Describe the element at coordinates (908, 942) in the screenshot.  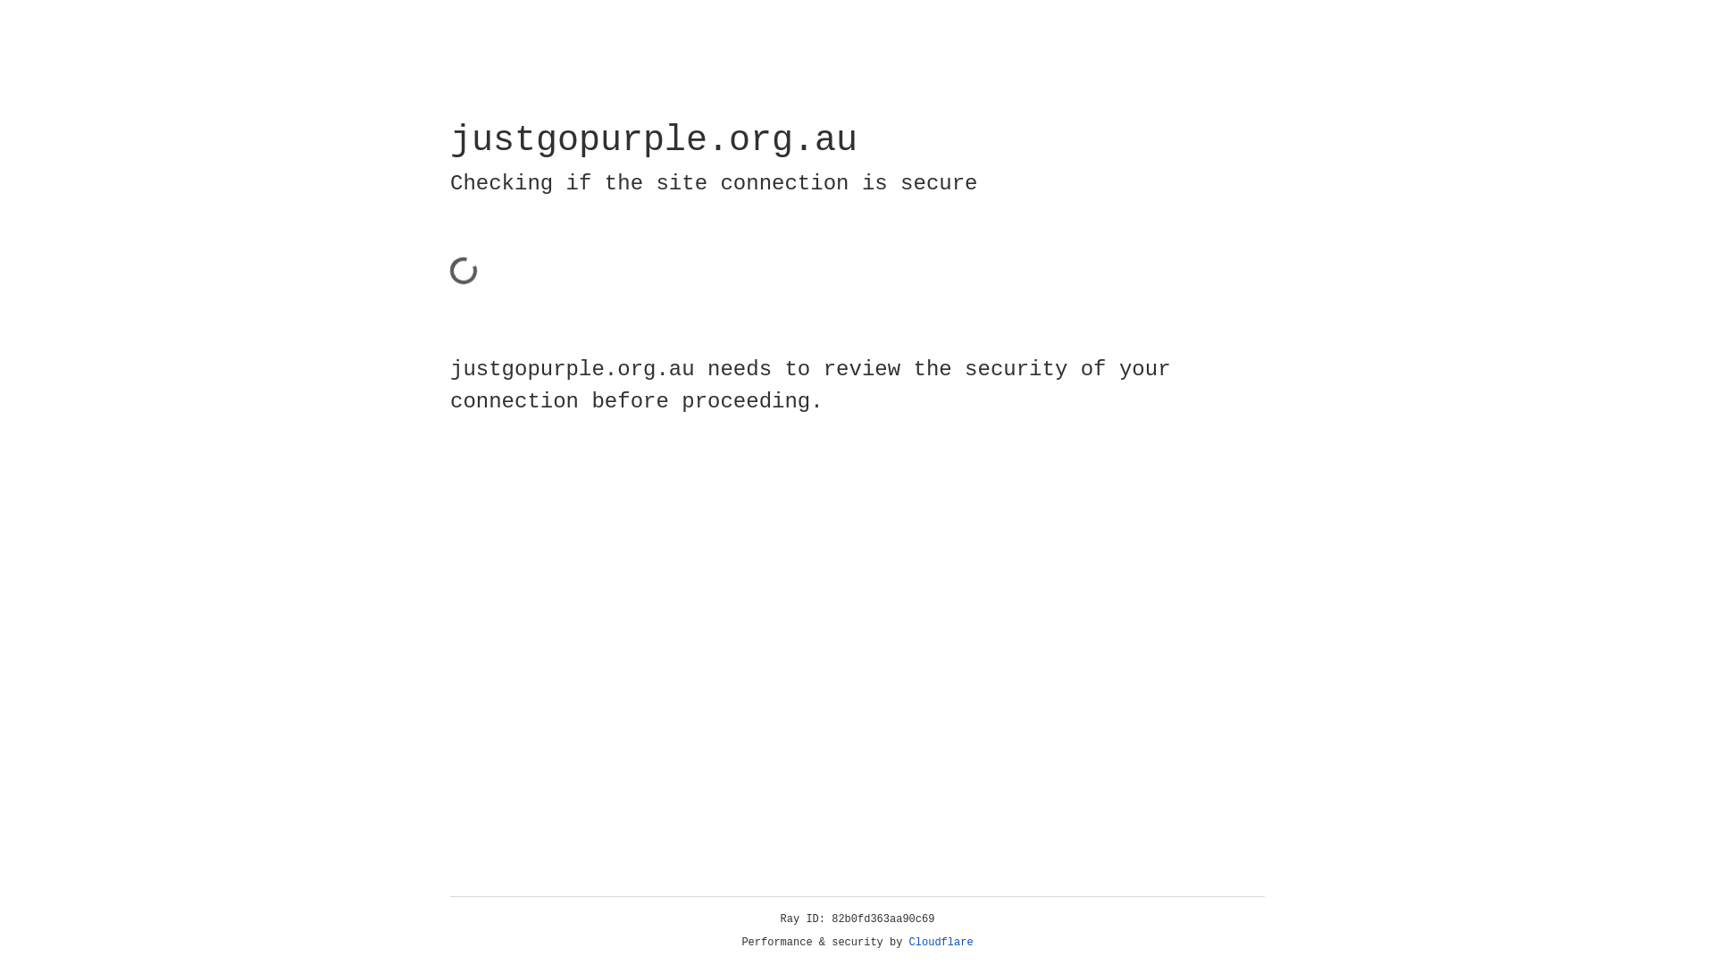
I see `'Cloudflare'` at that location.